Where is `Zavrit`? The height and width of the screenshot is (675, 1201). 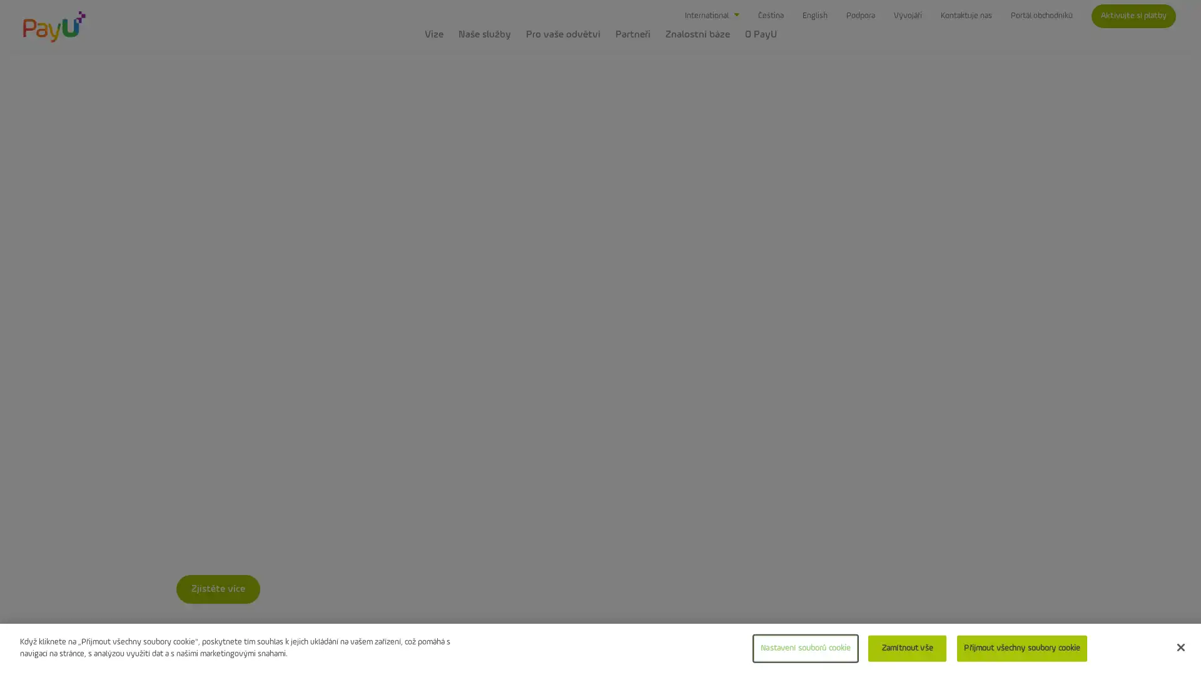
Zavrit is located at coordinates (1180, 646).